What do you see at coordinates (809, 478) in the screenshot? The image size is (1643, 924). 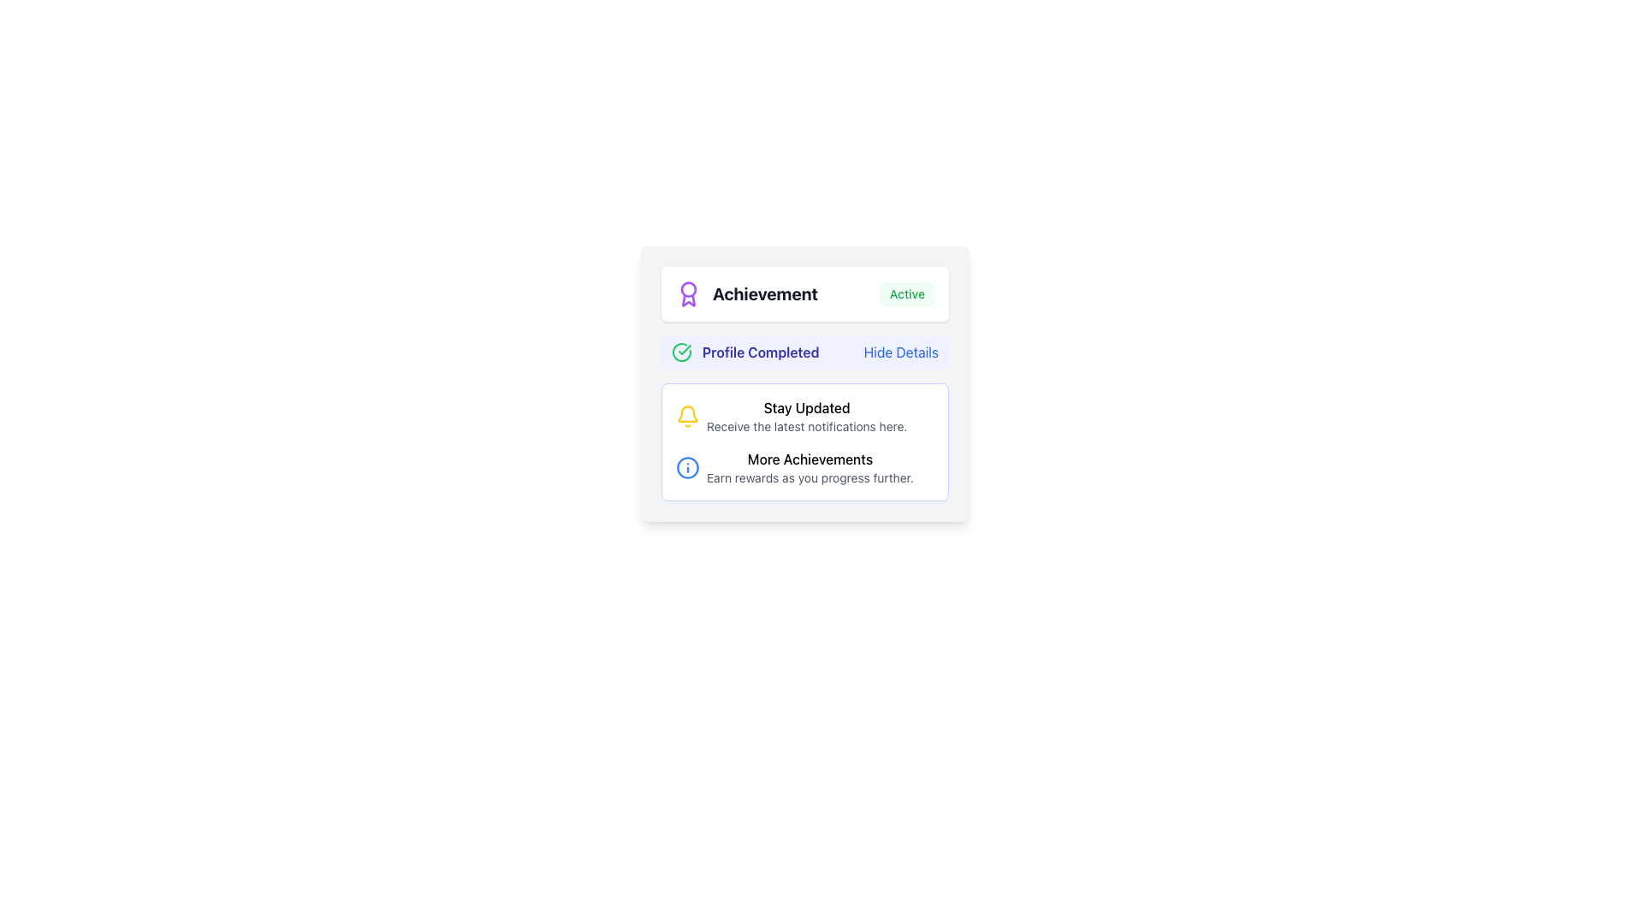 I see `the informational text that reads 'Earn rewards as you progress further.', which is styled in a smaller gray font and located below the heading 'More Achievements'` at bounding box center [809, 478].